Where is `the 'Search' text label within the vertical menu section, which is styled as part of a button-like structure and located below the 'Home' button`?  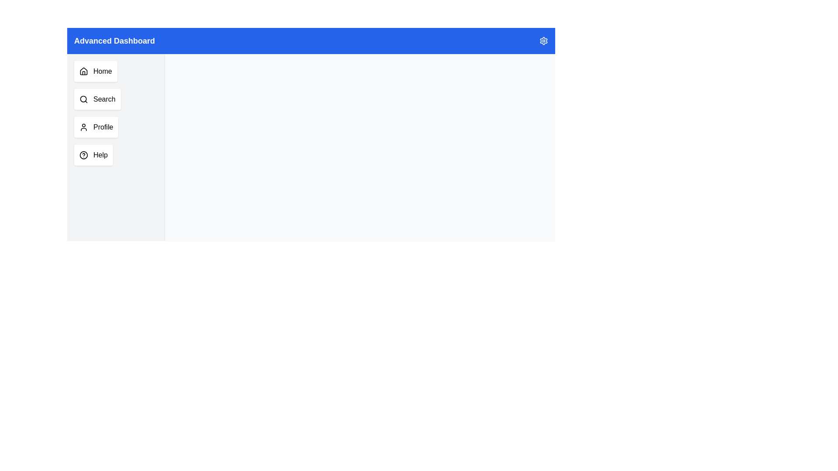 the 'Search' text label within the vertical menu section, which is styled as part of a button-like structure and located below the 'Home' button is located at coordinates (104, 99).